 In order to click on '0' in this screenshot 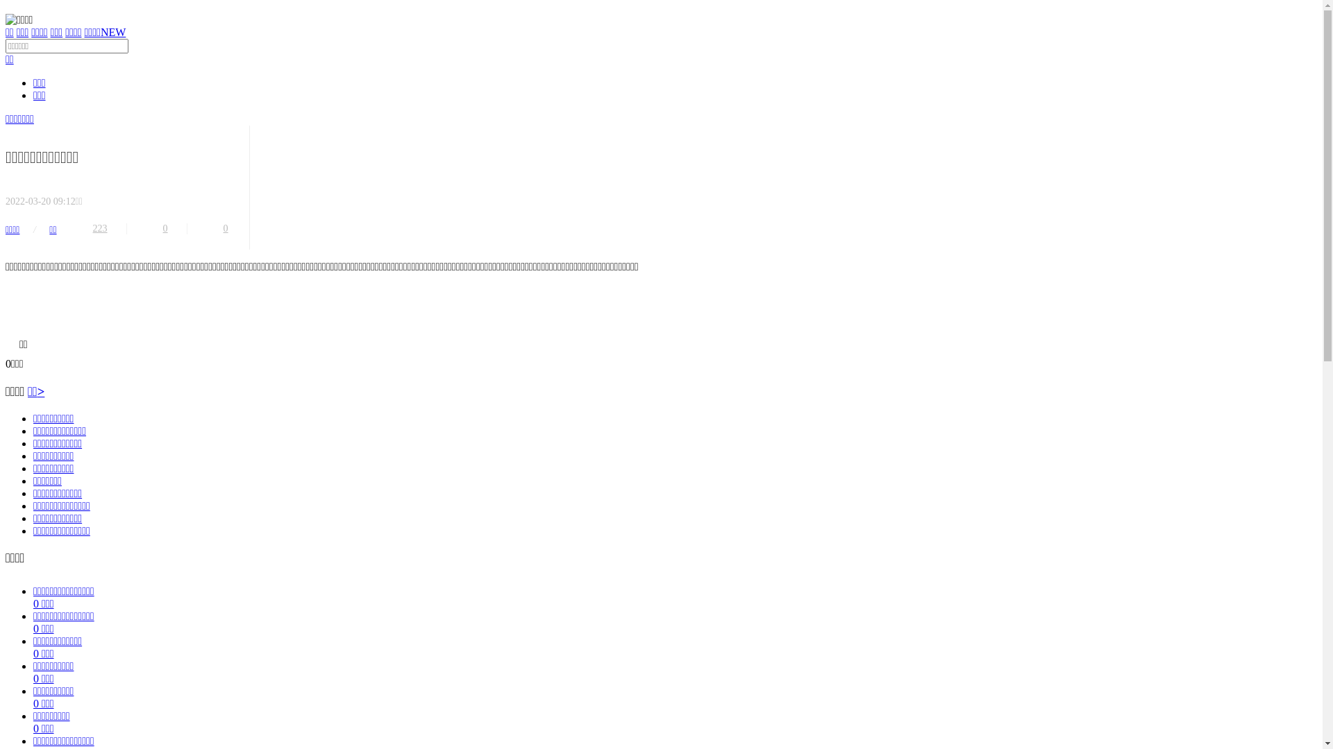, I will do `click(226, 228)`.